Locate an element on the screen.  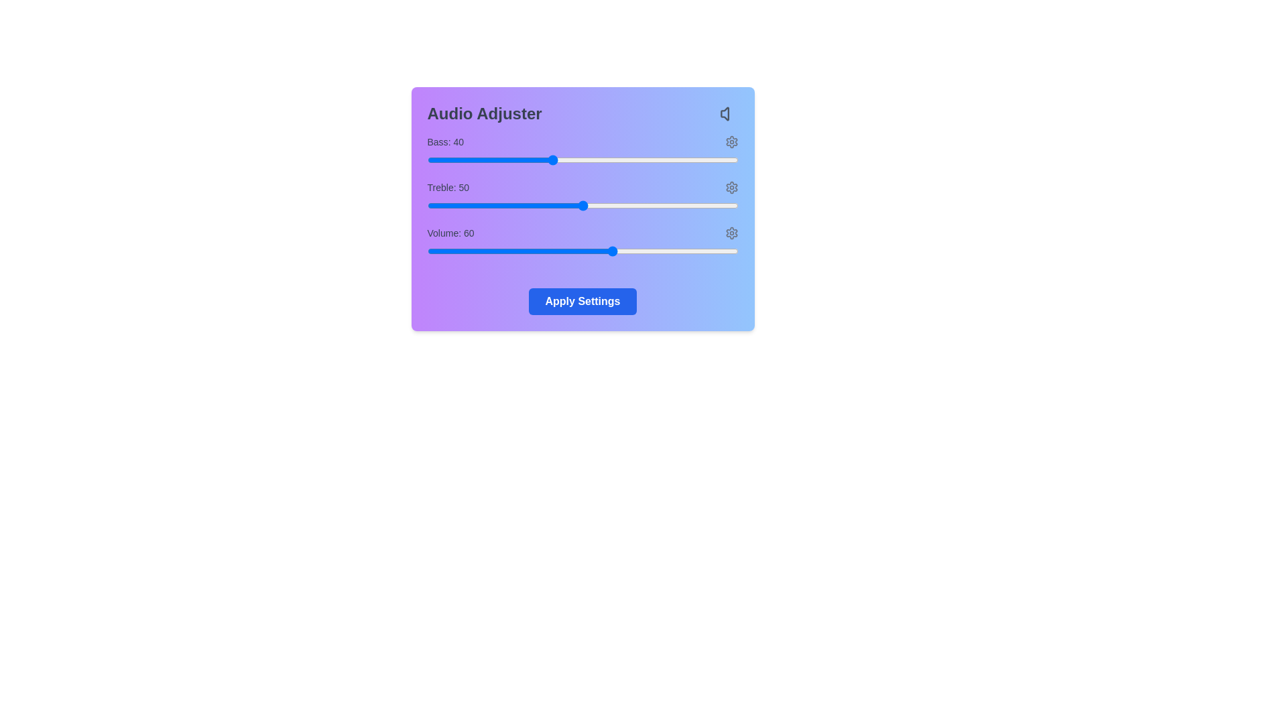
the bass level is located at coordinates (532, 160).